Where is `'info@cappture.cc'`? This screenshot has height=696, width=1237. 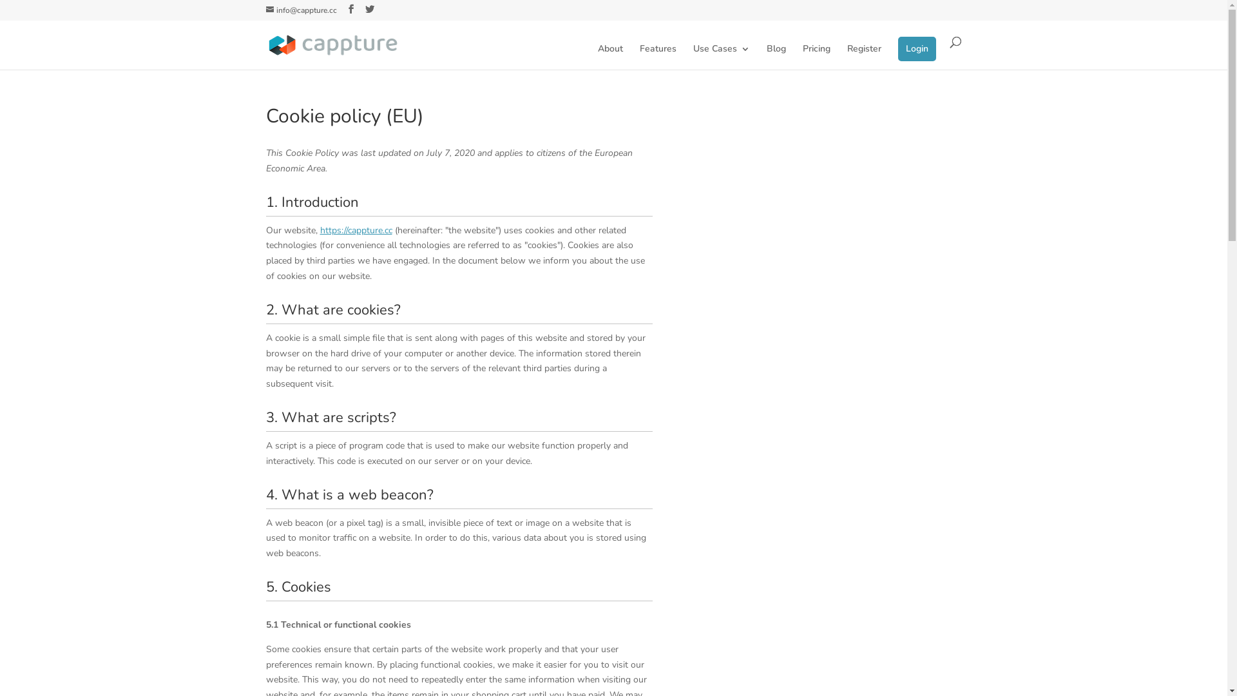 'info@cappture.cc' is located at coordinates (300, 10).